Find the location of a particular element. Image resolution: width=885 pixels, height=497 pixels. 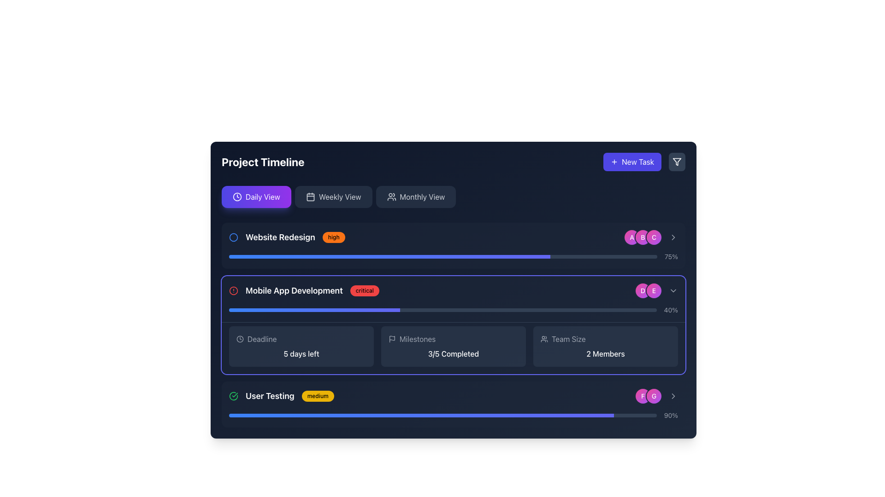

the progress value is located at coordinates (533, 415).